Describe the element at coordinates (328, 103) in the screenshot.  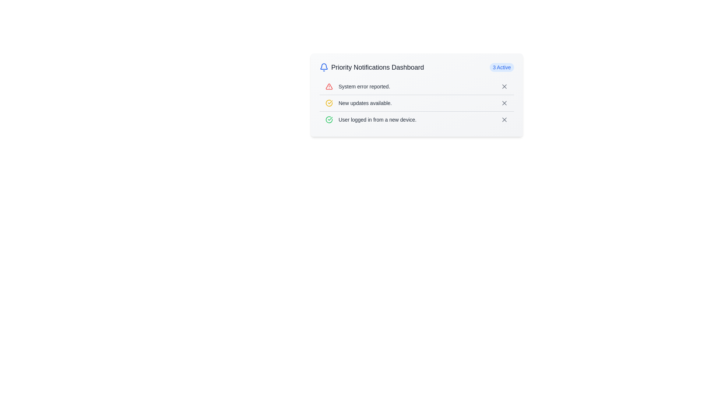
I see `the update indicator icon located to the left of the text 'New updates available.'` at that location.